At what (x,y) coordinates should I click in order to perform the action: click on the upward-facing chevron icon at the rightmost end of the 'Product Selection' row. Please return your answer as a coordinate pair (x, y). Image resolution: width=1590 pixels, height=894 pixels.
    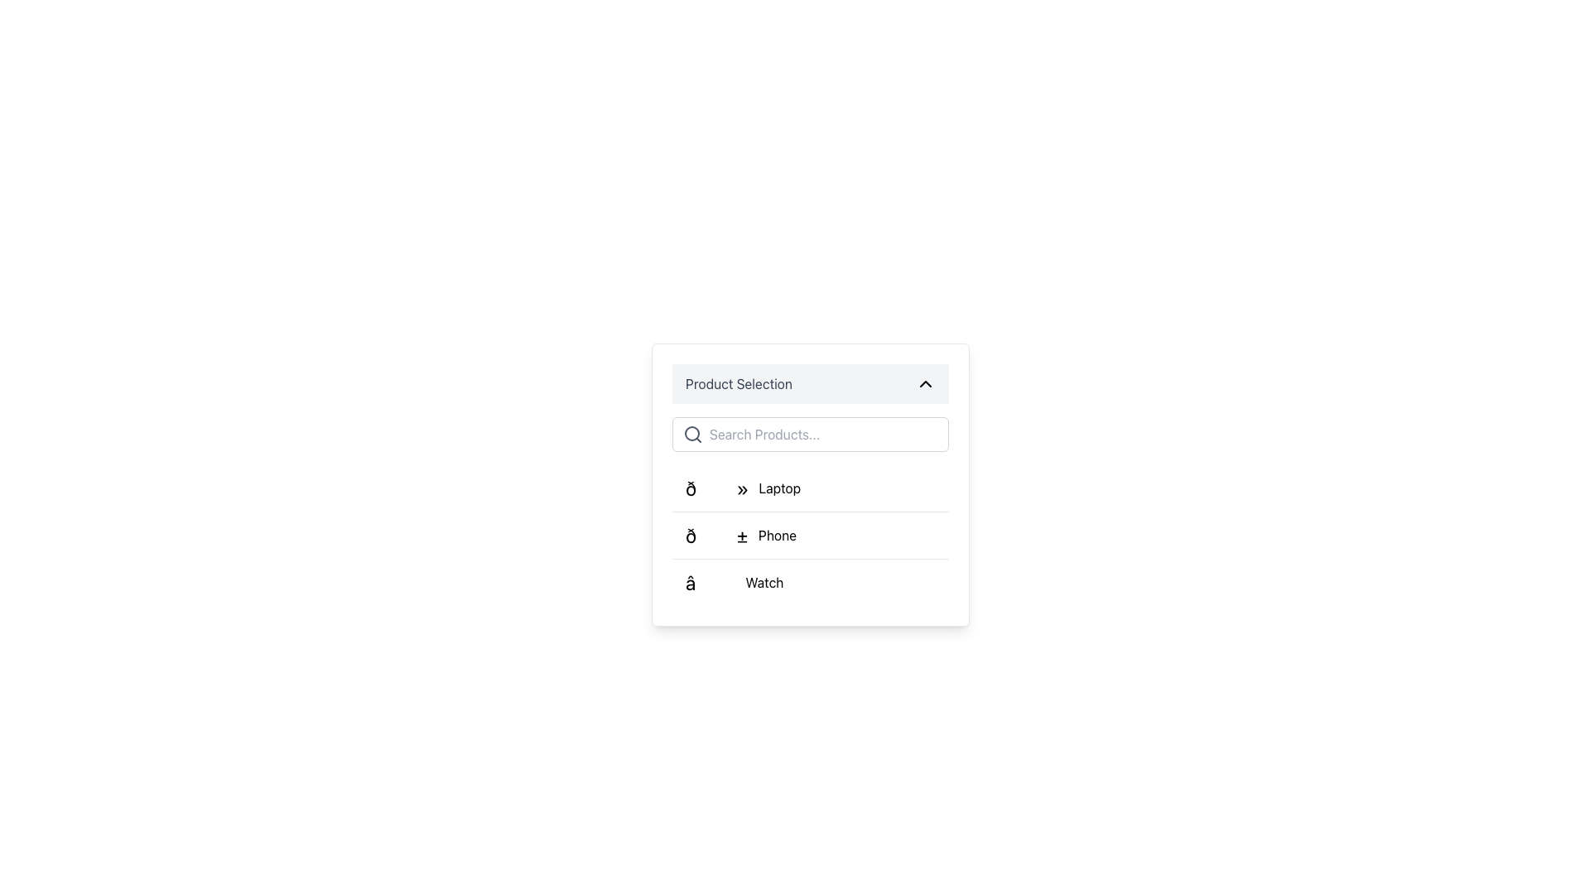
    Looking at the image, I should click on (925, 383).